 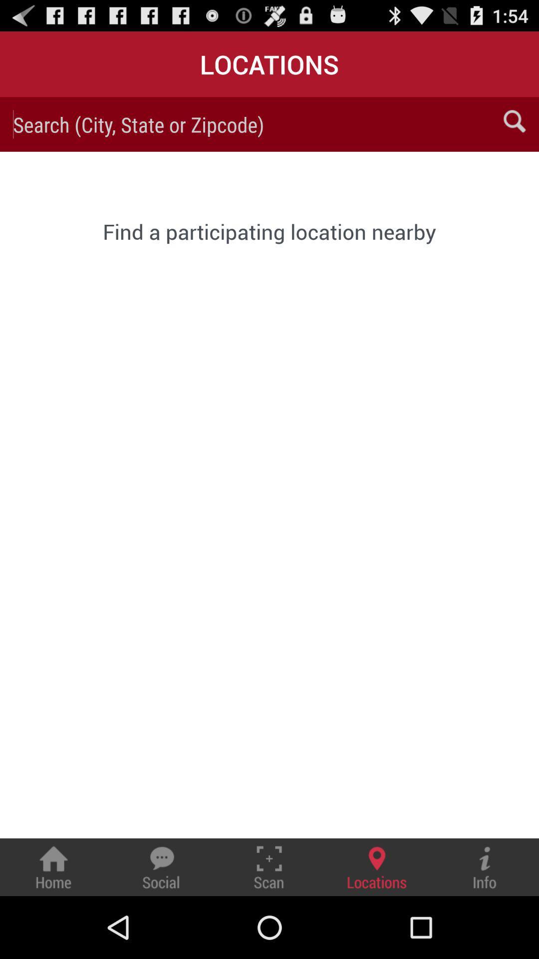 I want to click on the find a participating item, so click(x=269, y=231).